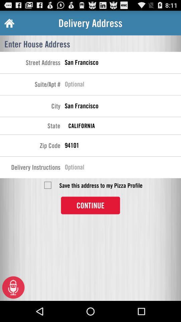  I want to click on place to enter suite or apt number, so click(122, 85).